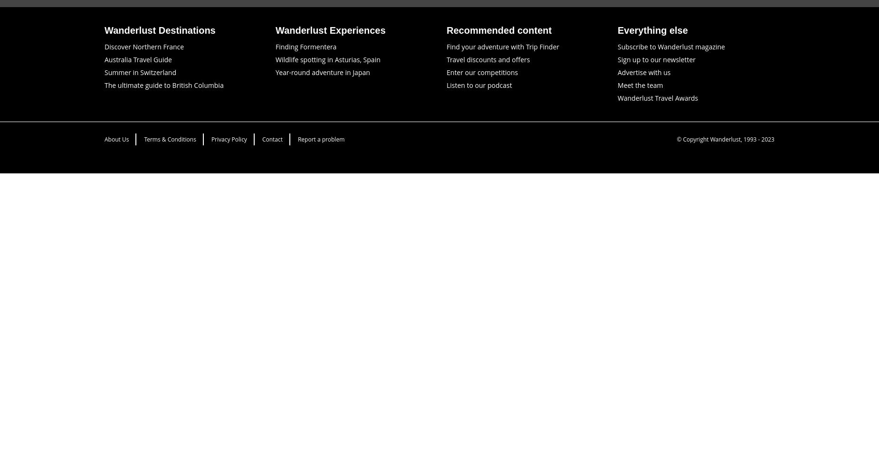 The image size is (879, 475). What do you see at coordinates (306, 46) in the screenshot?
I see `'Finding Formentera'` at bounding box center [306, 46].